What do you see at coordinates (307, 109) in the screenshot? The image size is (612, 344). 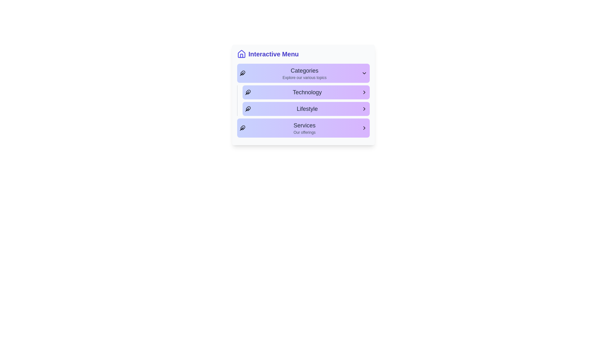 I see `the 'Lifestyle' text label within the gradient-colored button in the 'Interactive Menu'` at bounding box center [307, 109].